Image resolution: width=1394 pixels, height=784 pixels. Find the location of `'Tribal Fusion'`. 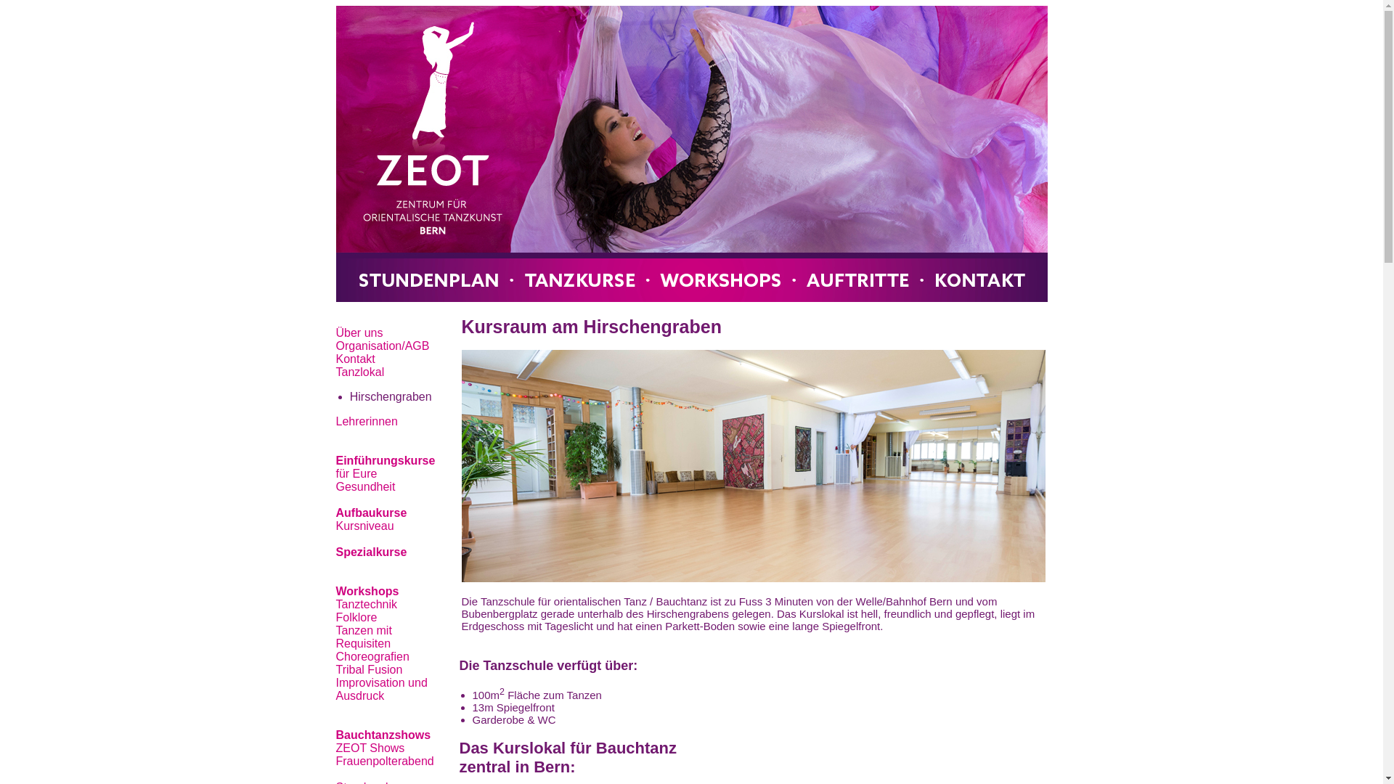

'Tribal Fusion' is located at coordinates (369, 669).